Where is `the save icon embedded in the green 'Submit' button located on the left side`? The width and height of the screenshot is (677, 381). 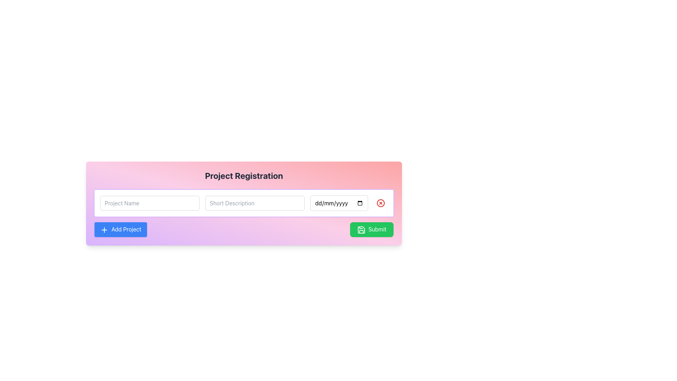
the save icon embedded in the green 'Submit' button located on the left side is located at coordinates (361, 230).